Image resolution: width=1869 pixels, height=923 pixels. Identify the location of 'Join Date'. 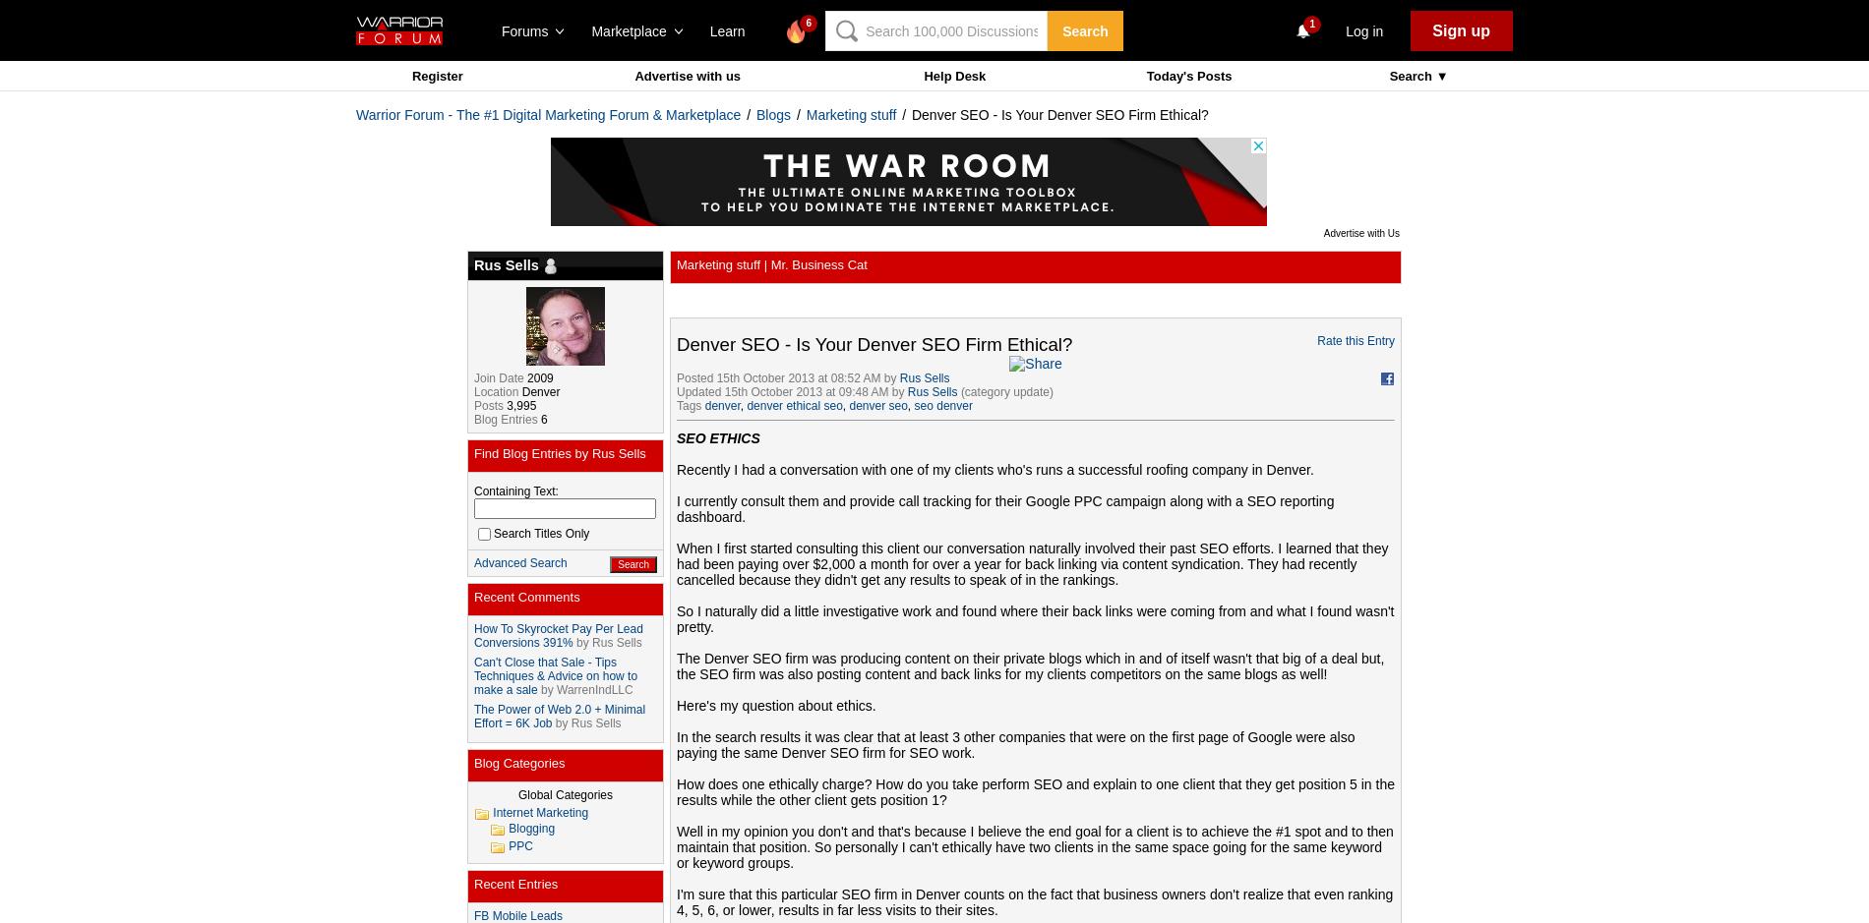
(498, 377).